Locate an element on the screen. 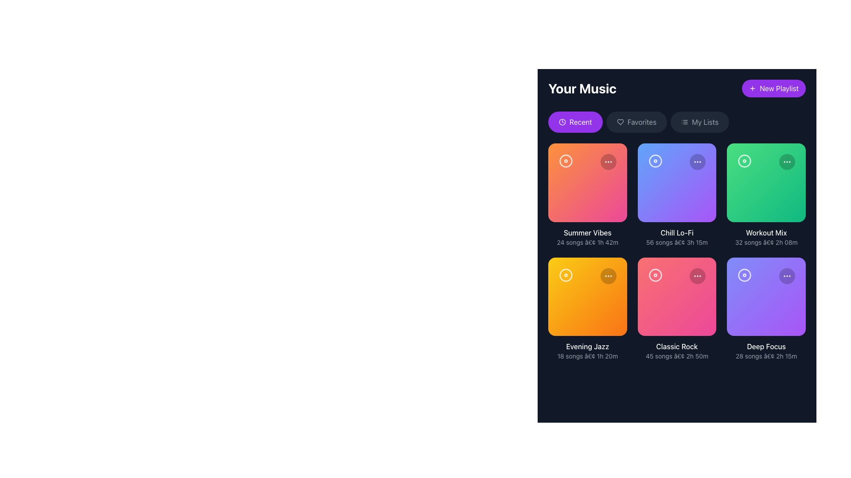  the text-based navigation link located third from the left in the horizontal list, which directs to the My Lists section is located at coordinates (704, 122).